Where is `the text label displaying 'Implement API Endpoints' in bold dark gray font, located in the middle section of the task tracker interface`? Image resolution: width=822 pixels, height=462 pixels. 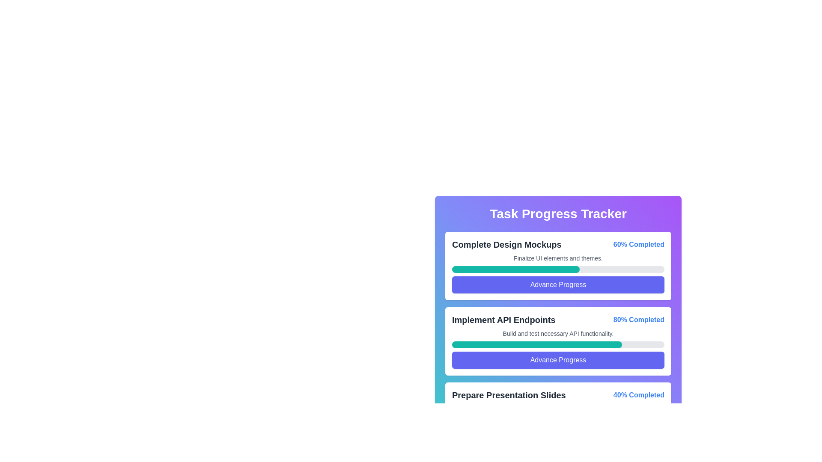 the text label displaying 'Implement API Endpoints' in bold dark gray font, located in the middle section of the task tracker interface is located at coordinates (503, 320).